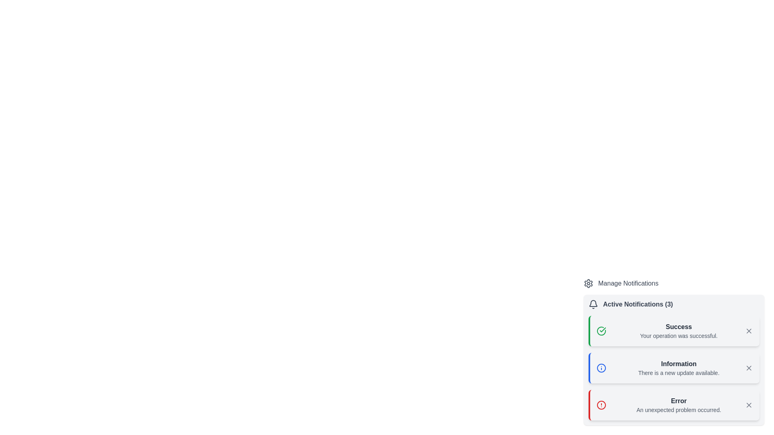 The image size is (774, 435). Describe the element at coordinates (678, 336) in the screenshot. I see `the Static Text displaying 'Your operation was successful.' located within the 'Success' notification card` at that location.